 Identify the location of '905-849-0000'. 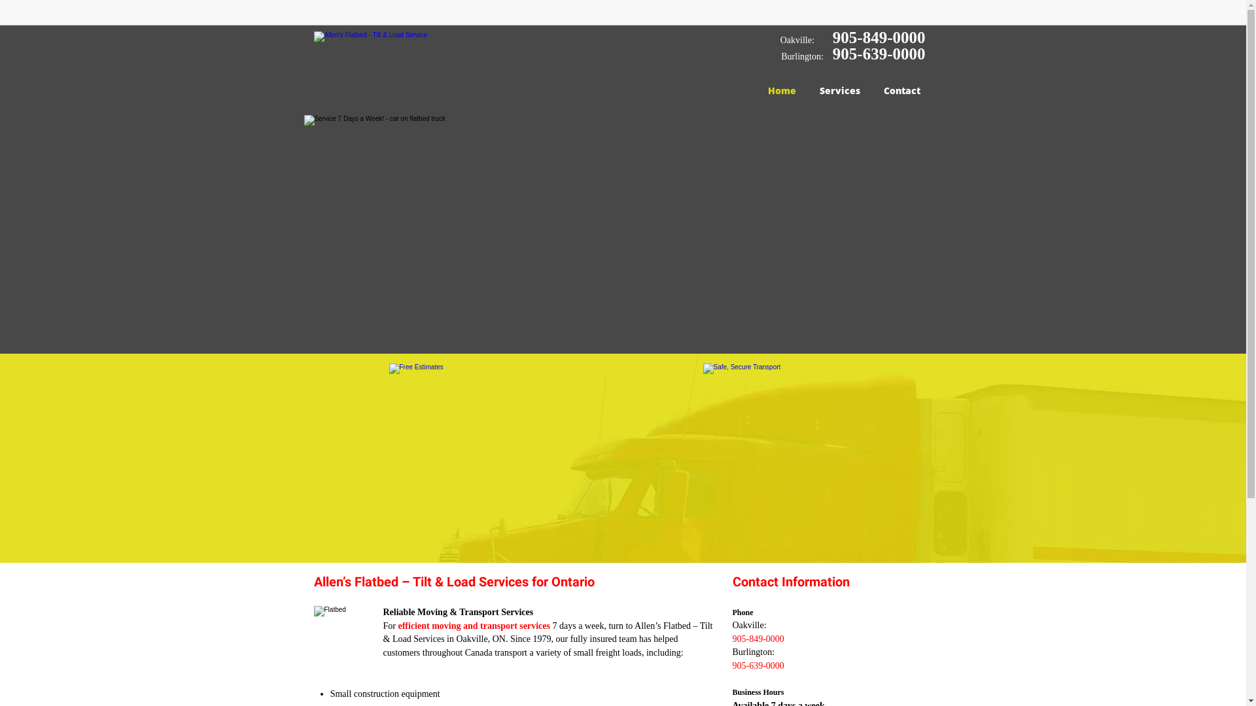
(831, 37).